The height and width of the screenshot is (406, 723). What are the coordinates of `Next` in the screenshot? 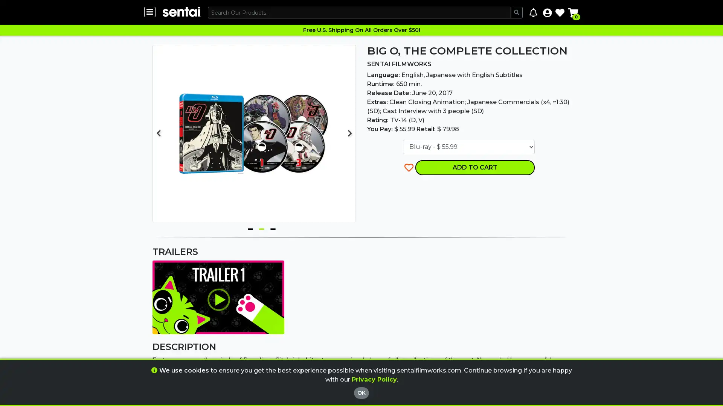 It's located at (349, 133).